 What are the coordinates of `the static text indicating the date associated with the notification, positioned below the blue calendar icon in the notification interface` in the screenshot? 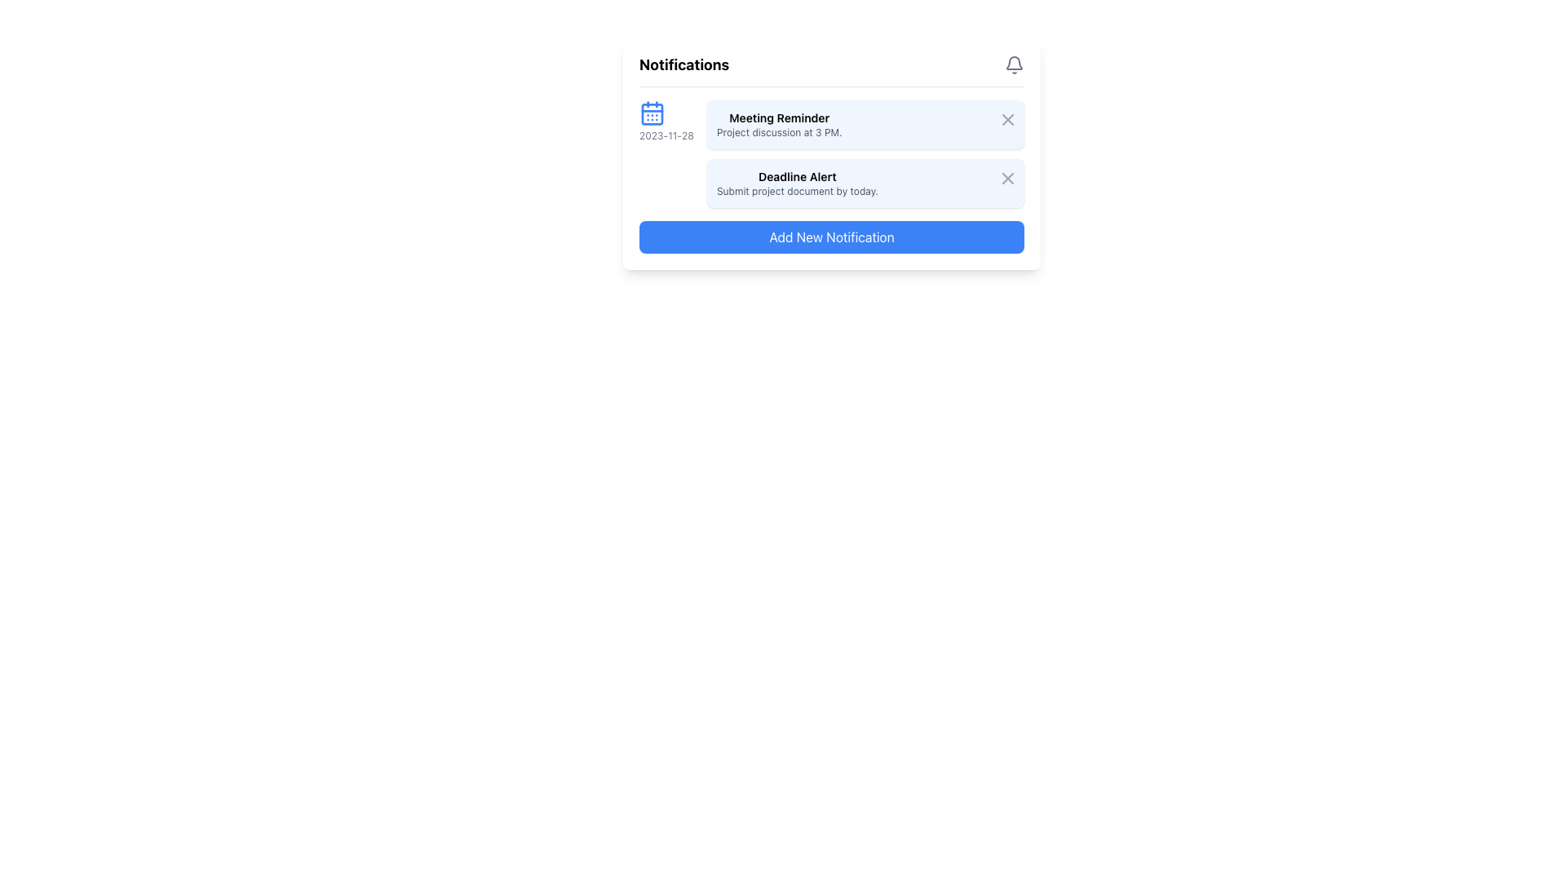 It's located at (666, 135).